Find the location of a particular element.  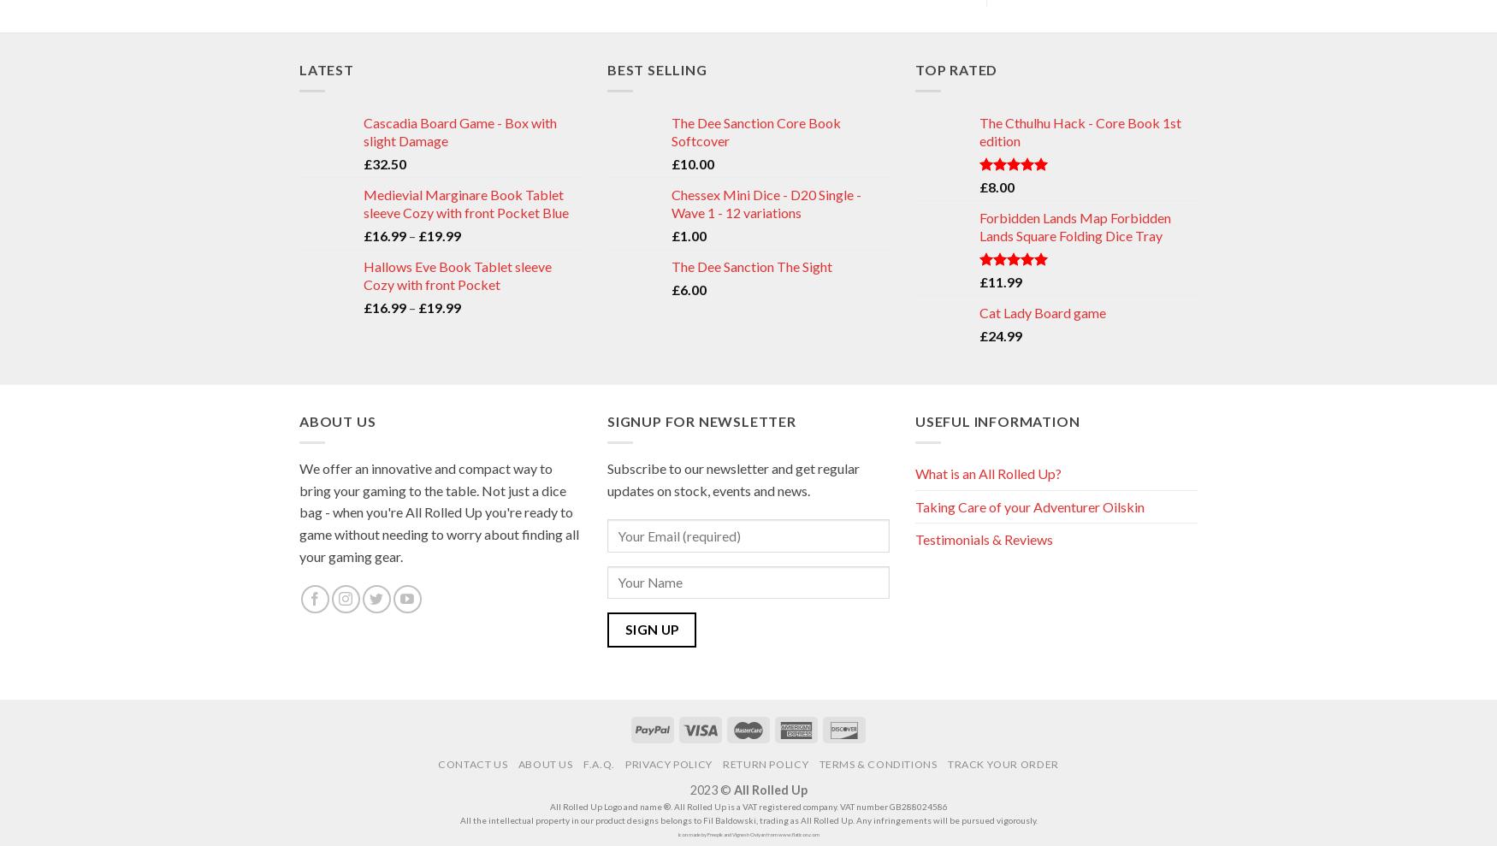

'All Rolled Up Logo and name ®. All Rolled Up is a VAT registered company.
VAT number GB288024586' is located at coordinates (748, 806).